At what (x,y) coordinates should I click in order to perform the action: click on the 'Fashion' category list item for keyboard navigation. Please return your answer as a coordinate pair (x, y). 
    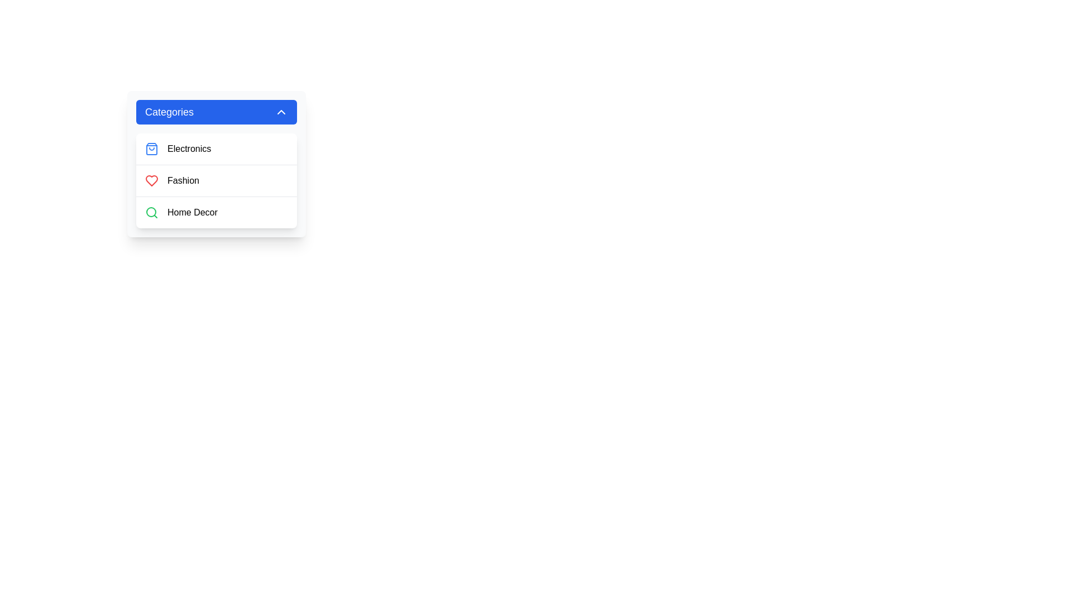
    Looking at the image, I should click on (217, 180).